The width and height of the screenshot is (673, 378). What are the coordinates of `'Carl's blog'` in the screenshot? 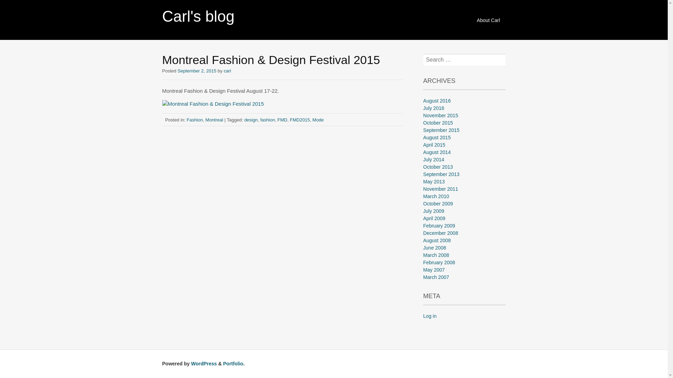 It's located at (161, 16).